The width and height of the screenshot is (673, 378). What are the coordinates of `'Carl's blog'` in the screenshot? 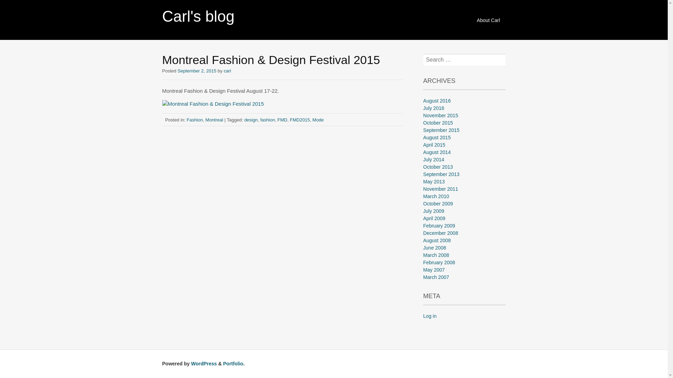 It's located at (161, 16).